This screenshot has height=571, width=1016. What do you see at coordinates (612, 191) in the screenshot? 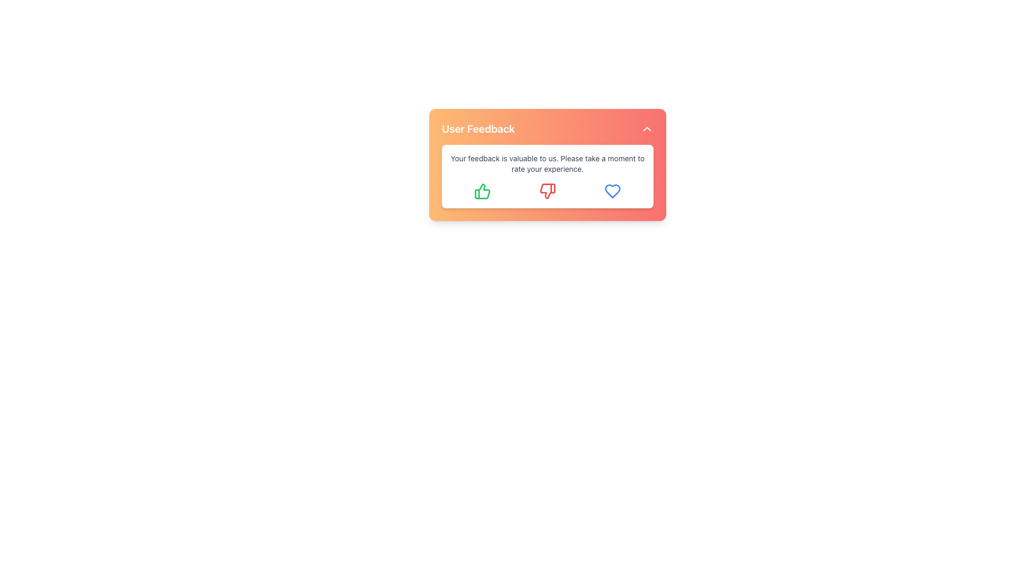
I see `the heart-shaped feedback icon located at the rightmost position among three feedback icons below the 'User Feedback' text` at bounding box center [612, 191].